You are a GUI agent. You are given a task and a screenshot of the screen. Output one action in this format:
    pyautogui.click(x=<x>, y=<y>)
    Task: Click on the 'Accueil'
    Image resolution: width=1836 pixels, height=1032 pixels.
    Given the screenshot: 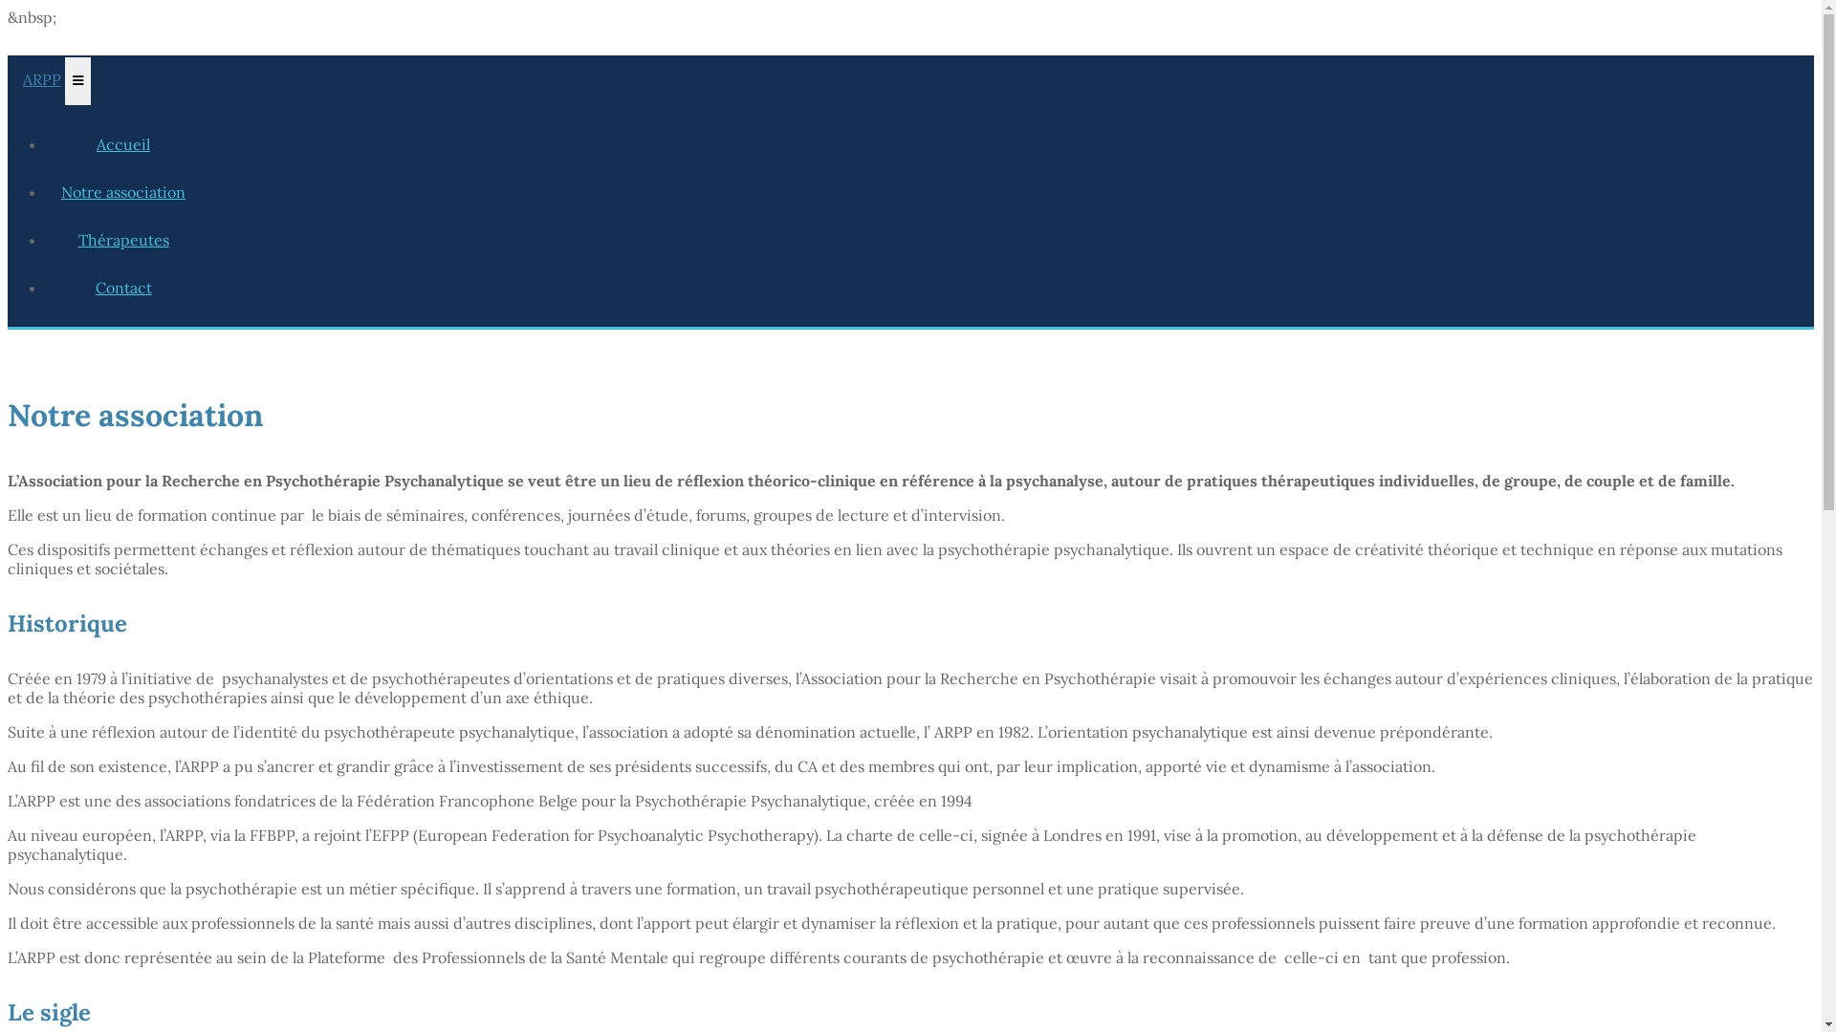 What is the action you would take?
    pyautogui.click(x=122, y=142)
    